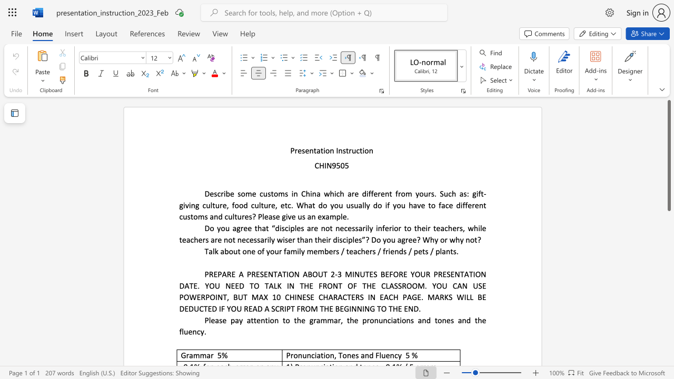 This screenshot has width=674, height=379. What do you see at coordinates (668, 300) in the screenshot?
I see `the scrollbar on the right to shift the page lower` at bounding box center [668, 300].